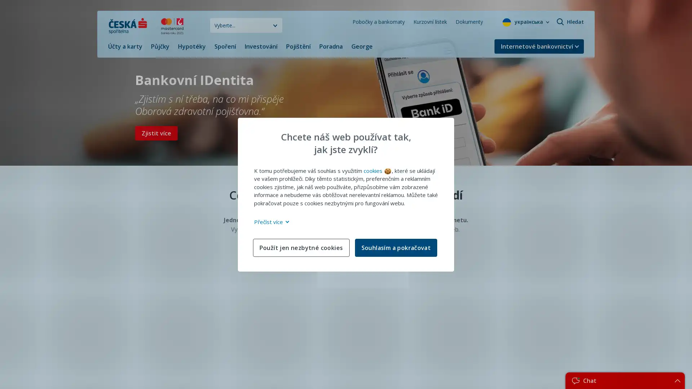 Image resolution: width=692 pixels, height=389 pixels. I want to click on Pouzit jen nezbytne cookies, so click(301, 247).